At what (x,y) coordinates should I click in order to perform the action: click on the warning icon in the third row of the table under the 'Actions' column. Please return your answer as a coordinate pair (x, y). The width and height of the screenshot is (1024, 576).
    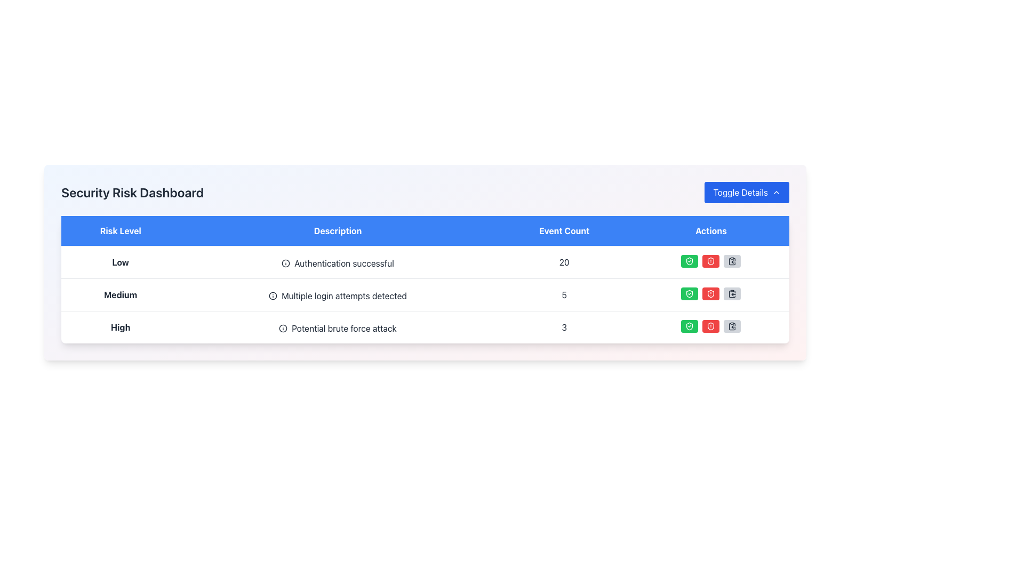
    Looking at the image, I should click on (711, 326).